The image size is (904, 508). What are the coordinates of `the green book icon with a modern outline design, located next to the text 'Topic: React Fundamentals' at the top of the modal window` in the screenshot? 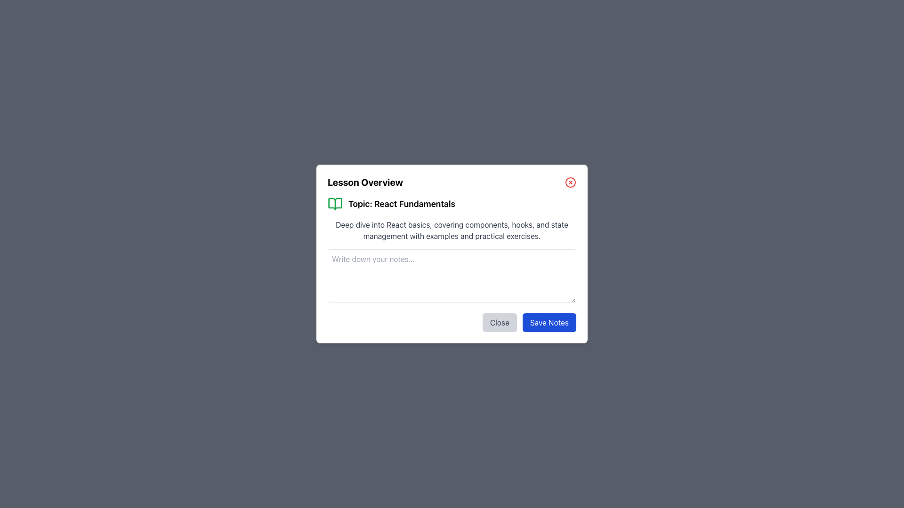 It's located at (335, 204).